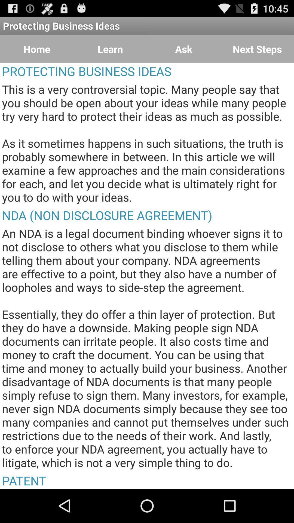 The height and width of the screenshot is (523, 294). I want to click on icon above the protecting business ideas app, so click(257, 49).